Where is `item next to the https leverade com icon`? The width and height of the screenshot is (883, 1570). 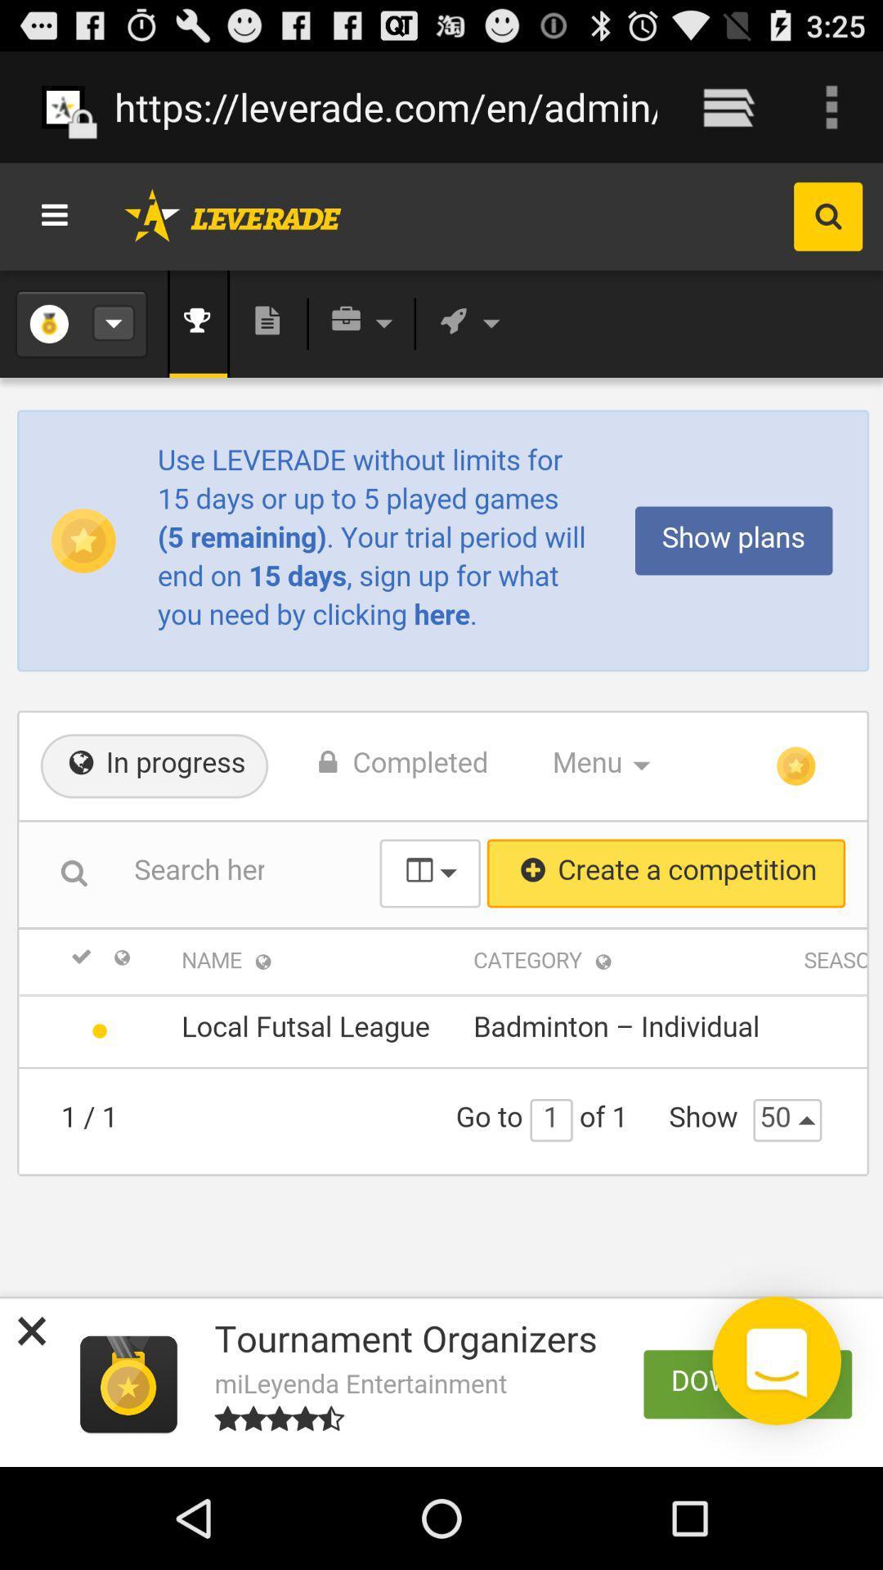 item next to the https leverade com icon is located at coordinates (728, 106).